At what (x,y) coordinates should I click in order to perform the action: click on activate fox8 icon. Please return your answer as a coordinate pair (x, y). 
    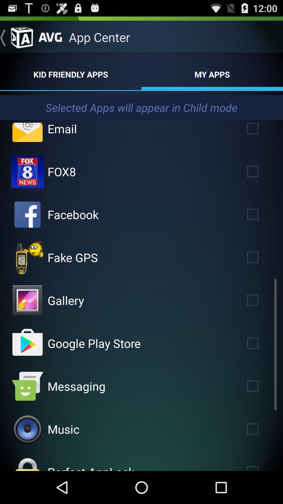
    Looking at the image, I should click on (27, 171).